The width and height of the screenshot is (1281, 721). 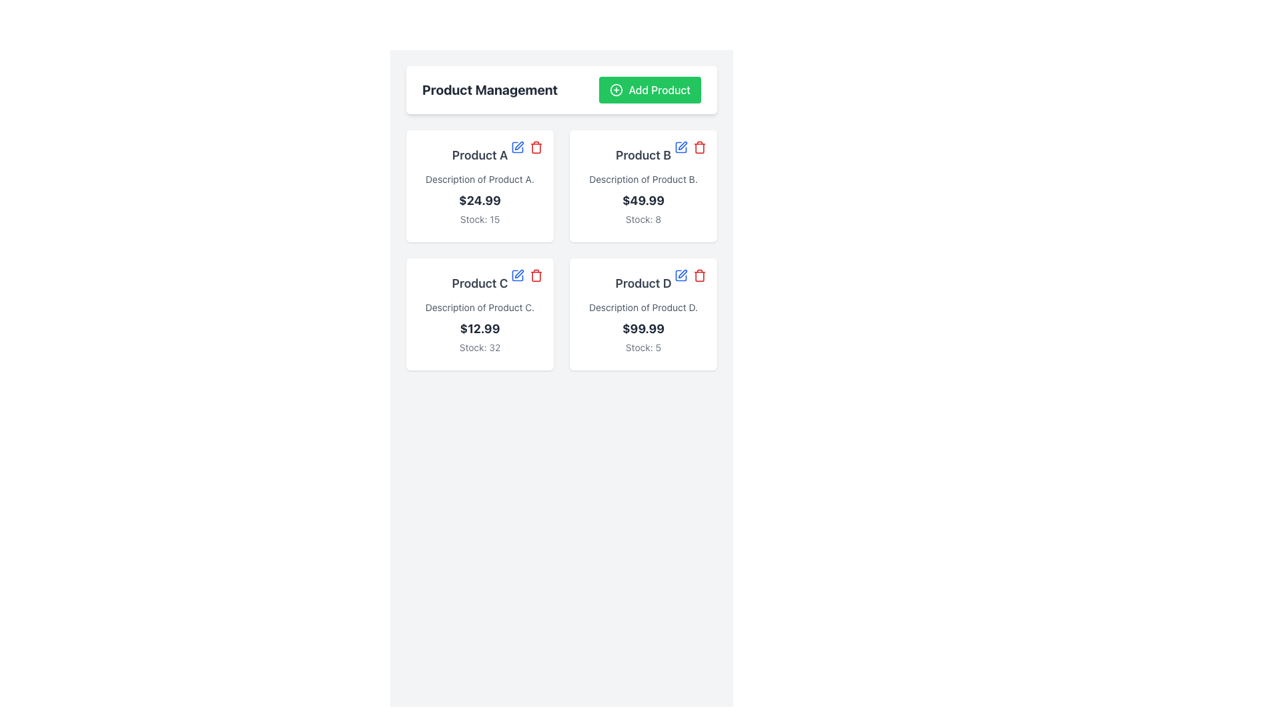 I want to click on the title text element displaying 'Product D', which is located in the fourth box of a two-by-two grid layout, so click(x=643, y=282).